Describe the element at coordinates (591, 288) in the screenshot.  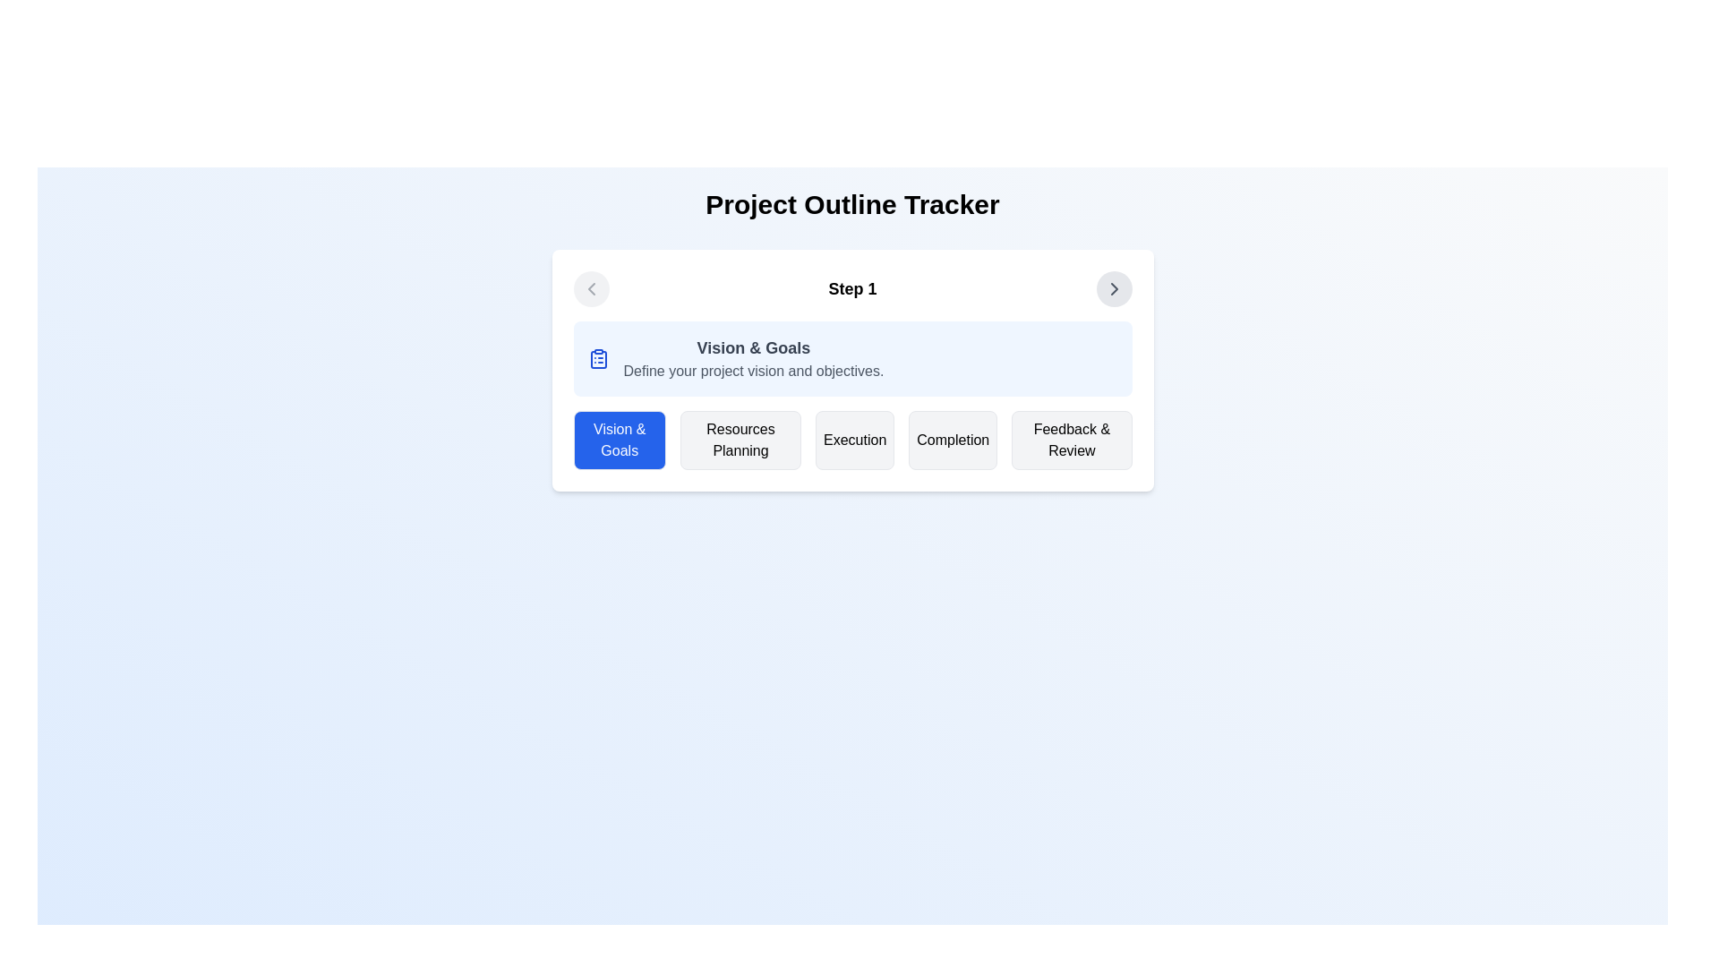
I see `the navigational chevron icon located in the top-left corner of a card` at that location.